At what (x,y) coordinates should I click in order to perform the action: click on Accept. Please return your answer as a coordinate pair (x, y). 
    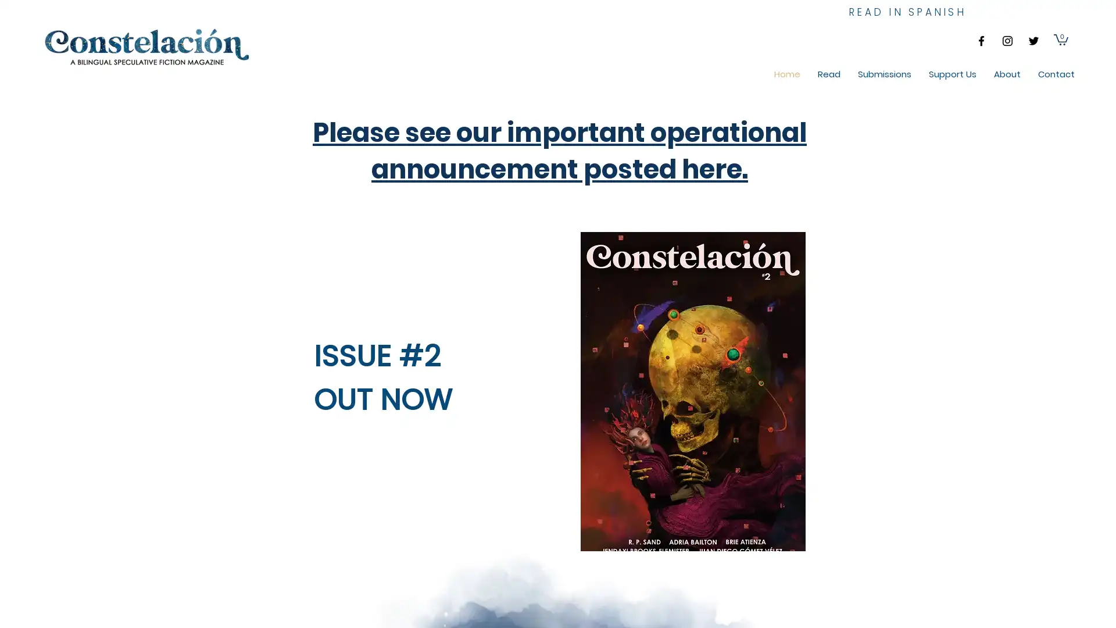
    Looking at the image, I should click on (1064, 607).